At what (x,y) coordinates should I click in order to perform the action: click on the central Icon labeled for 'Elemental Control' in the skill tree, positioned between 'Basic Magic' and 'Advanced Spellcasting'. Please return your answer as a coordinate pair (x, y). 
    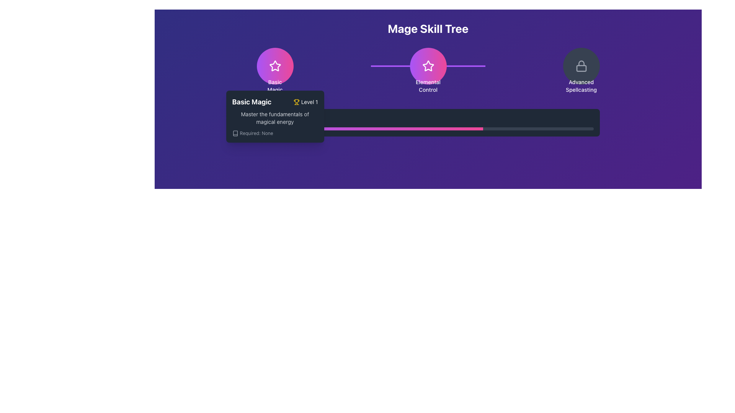
    Looking at the image, I should click on (428, 66).